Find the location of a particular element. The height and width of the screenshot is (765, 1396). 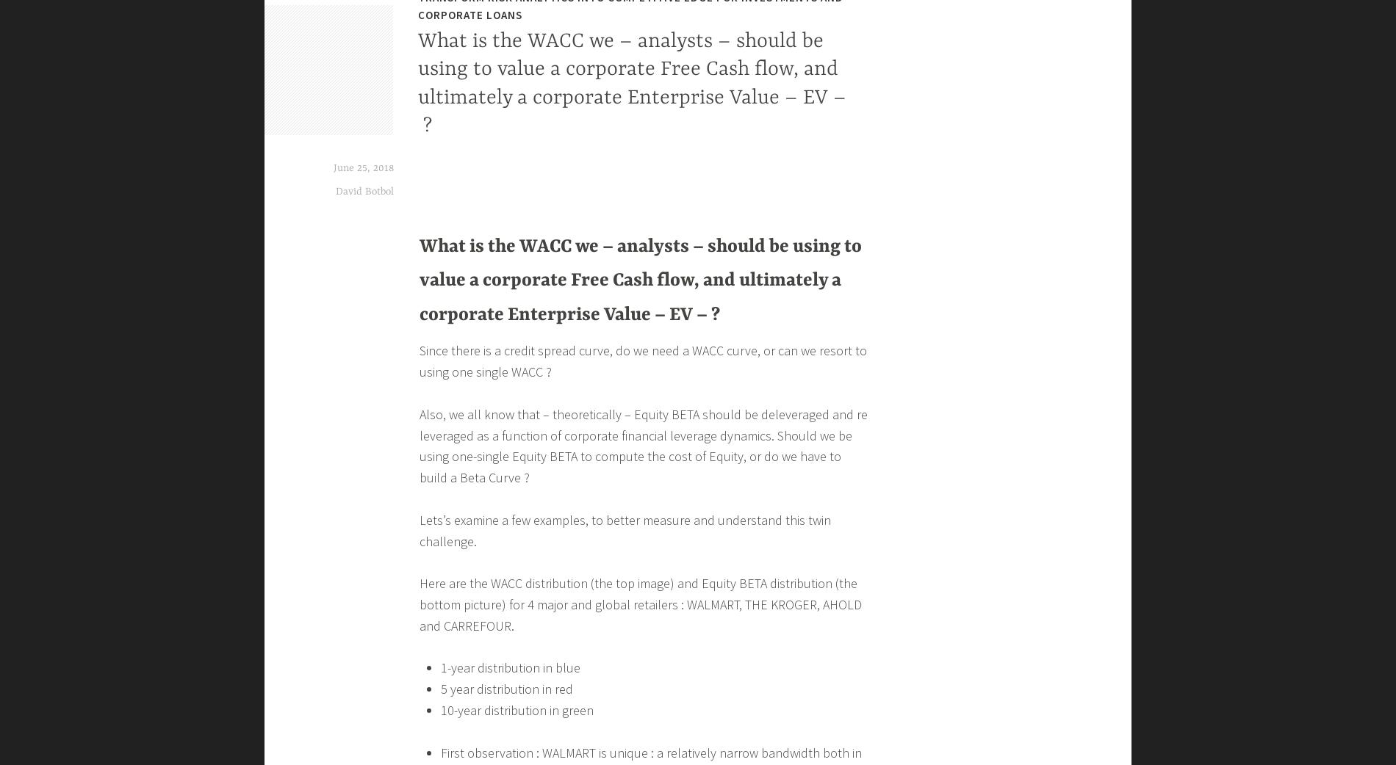

'Website' is located at coordinates (443, 91).